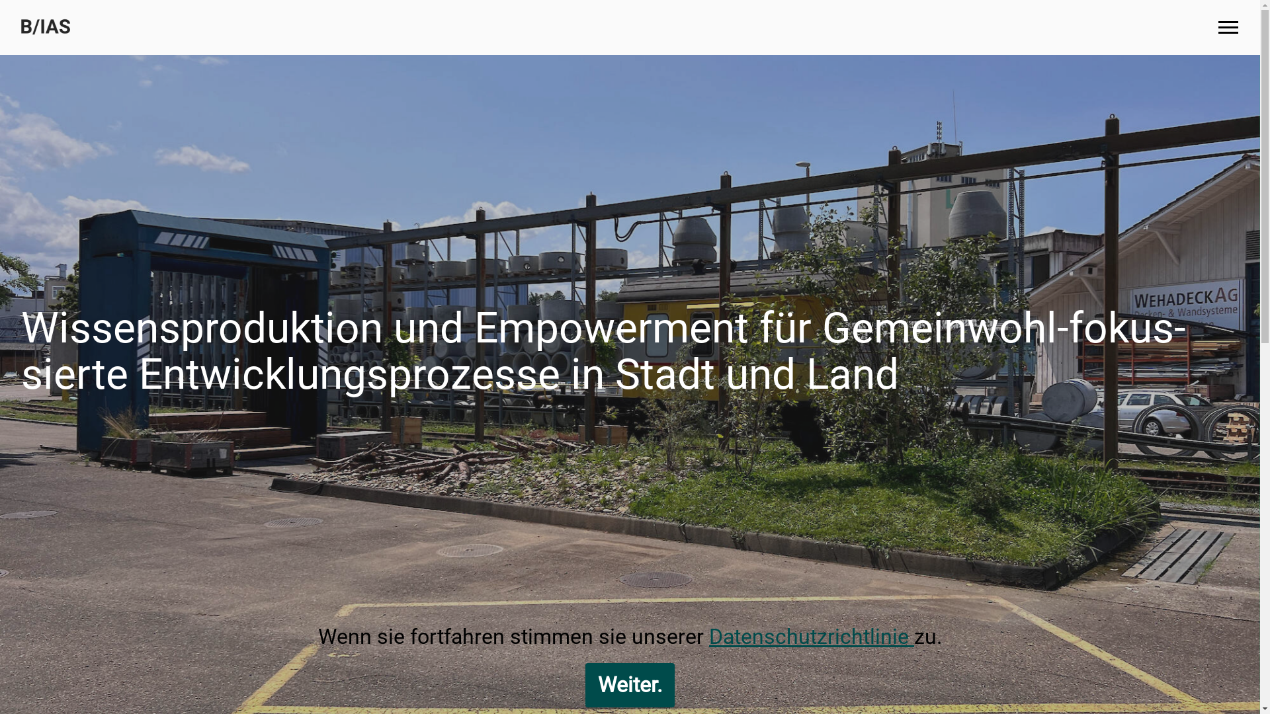 The image size is (1270, 714). I want to click on 'Weiter.', so click(629, 684).